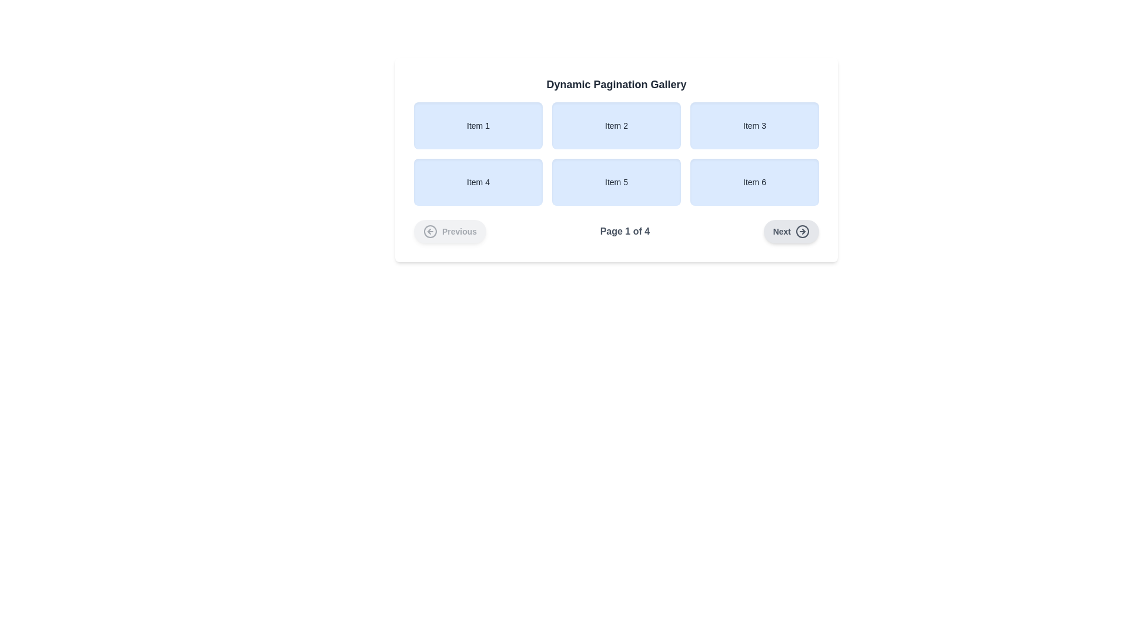 This screenshot has width=1129, height=635. What do you see at coordinates (429, 231) in the screenshot?
I see `the left-pointing arrow icon within the circular border of the 'Previous' button on the left side of the pagination control bar` at bounding box center [429, 231].